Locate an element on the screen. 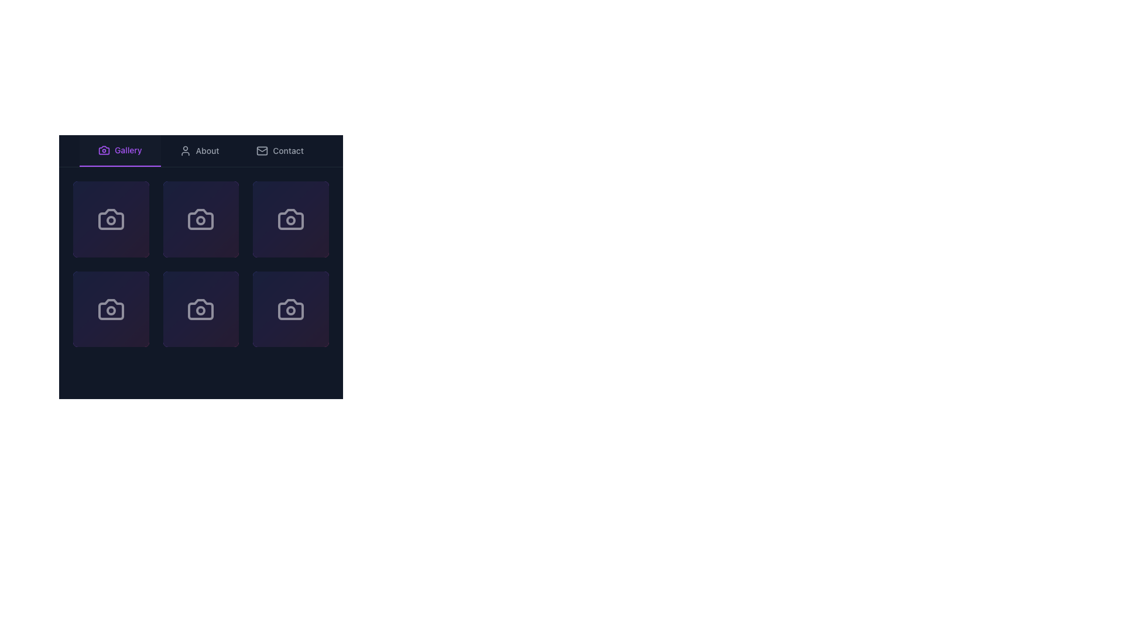 Image resolution: width=1124 pixels, height=632 pixels. the camera icon located at the top-center of the three-by-three grid layout for interaction is located at coordinates (201, 219).